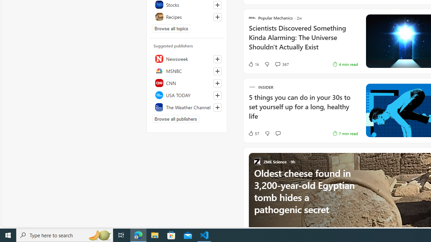 Image resolution: width=431 pixels, height=242 pixels. What do you see at coordinates (217, 16) in the screenshot?
I see `'Follow this topic'` at bounding box center [217, 16].